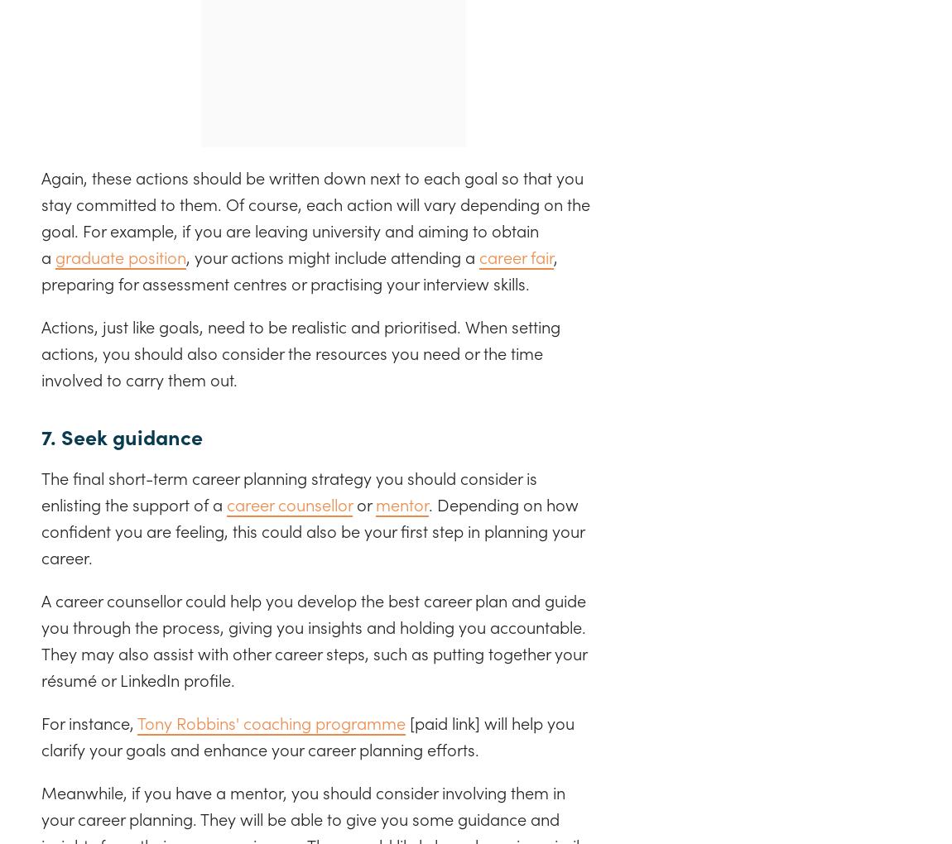 Image resolution: width=952 pixels, height=844 pixels. I want to click on 'mentor', so click(401, 502).